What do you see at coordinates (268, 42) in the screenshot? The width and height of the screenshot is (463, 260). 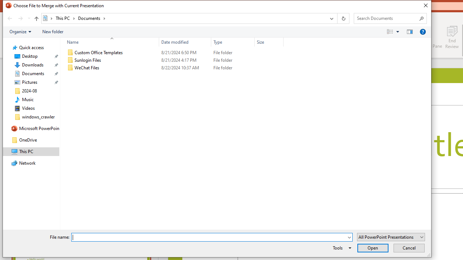 I see `'Size'` at bounding box center [268, 42].